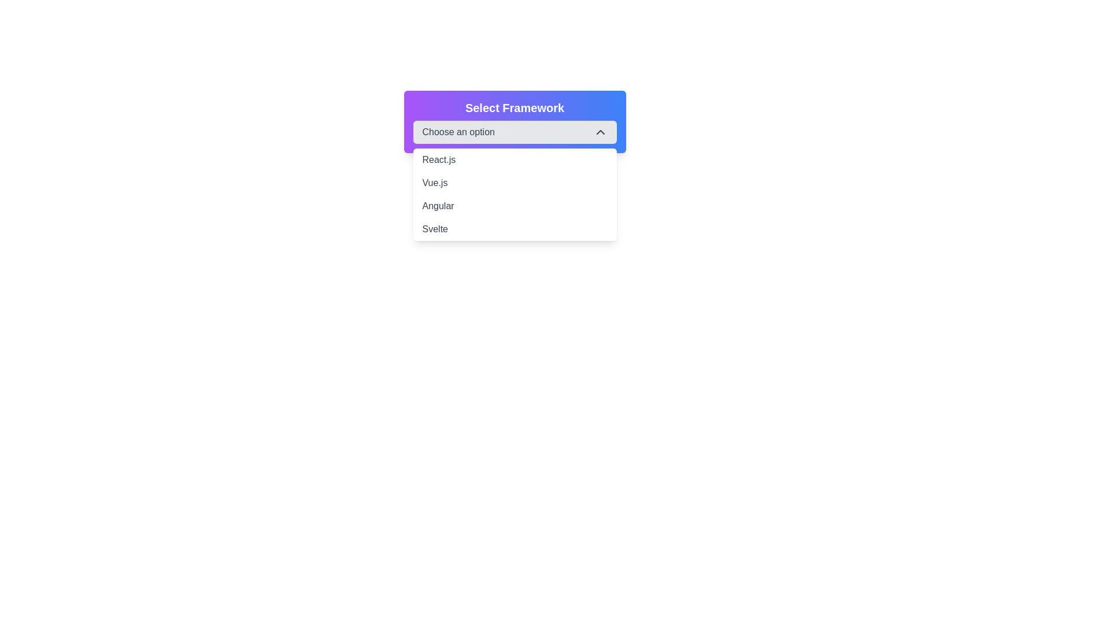 Image resolution: width=1110 pixels, height=624 pixels. Describe the element at coordinates (458, 131) in the screenshot. I see `the text label that reads 'Choose an option' to trigger hover styles` at that location.